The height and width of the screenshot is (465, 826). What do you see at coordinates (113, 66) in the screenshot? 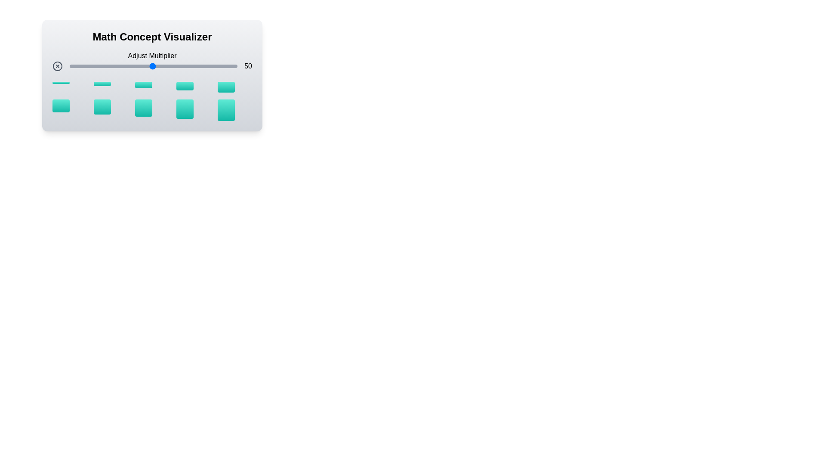
I see `the multiplier to 27 by adjusting the slider` at bounding box center [113, 66].